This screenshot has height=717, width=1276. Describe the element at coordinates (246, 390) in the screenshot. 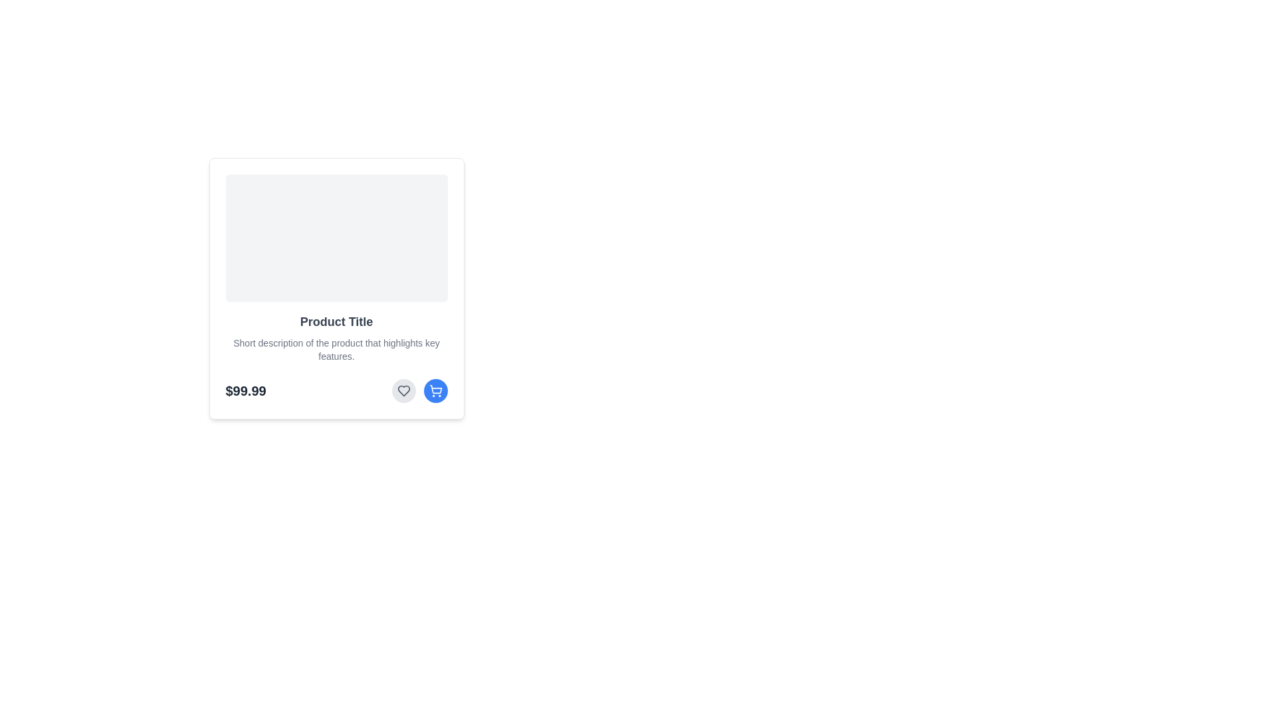

I see `the primary price display text '$99.99' located at the bottom-left part of the product card, directly beneath the product description` at that location.